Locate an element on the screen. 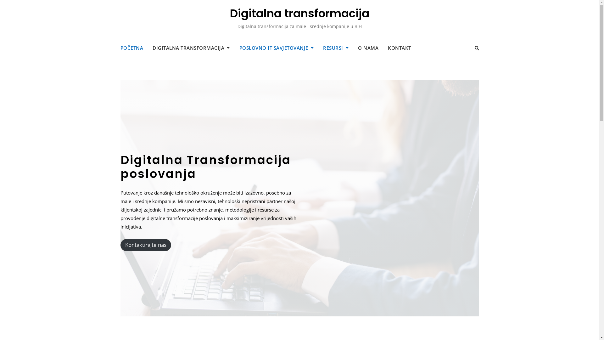 This screenshot has height=340, width=604. 'Kontaktirajte nas' is located at coordinates (145, 245).